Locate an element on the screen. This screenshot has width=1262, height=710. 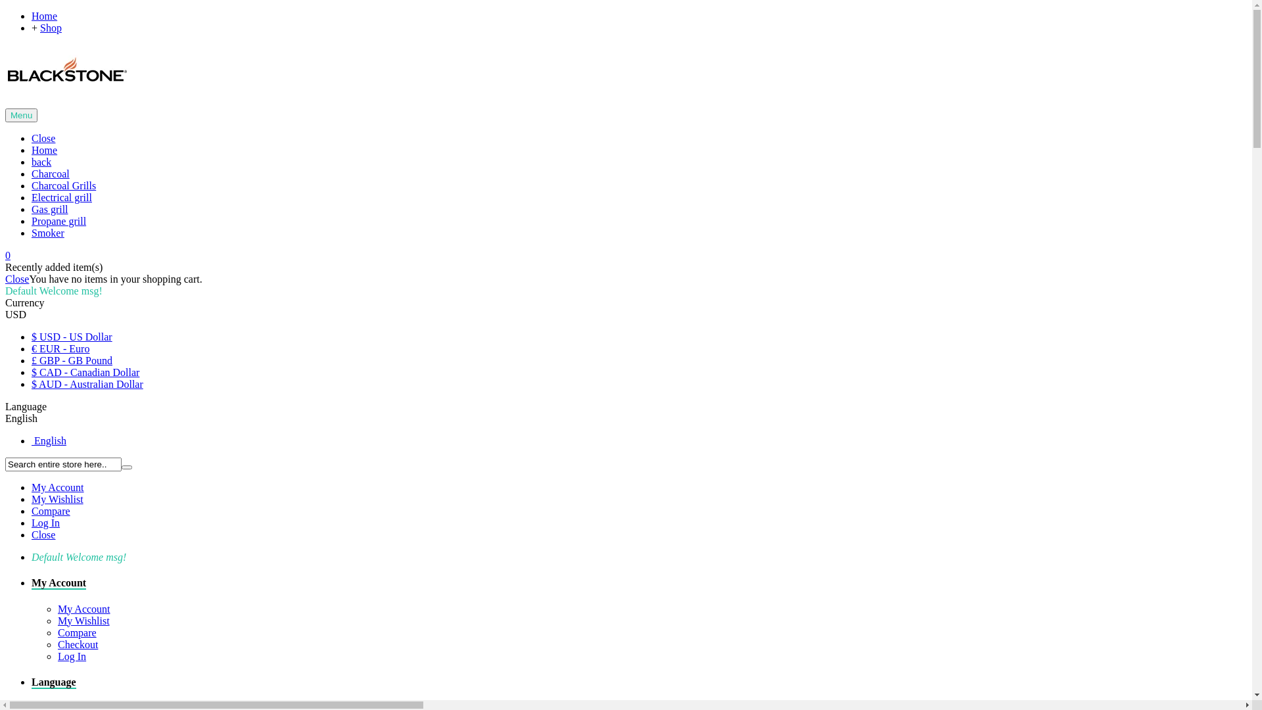
'Shop' is located at coordinates (51, 28).